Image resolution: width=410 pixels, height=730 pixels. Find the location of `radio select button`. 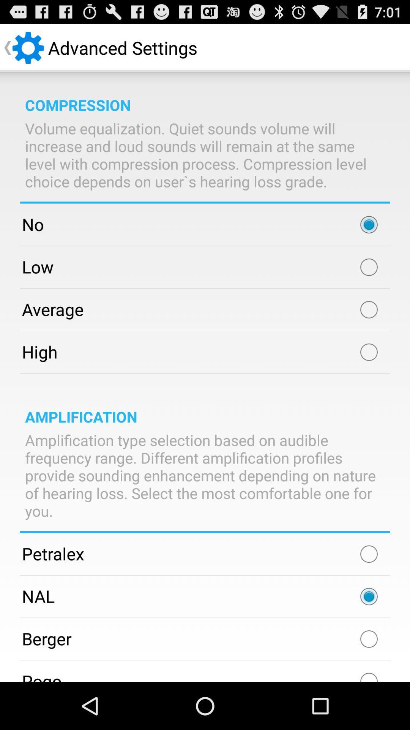

radio select button is located at coordinates (369, 224).